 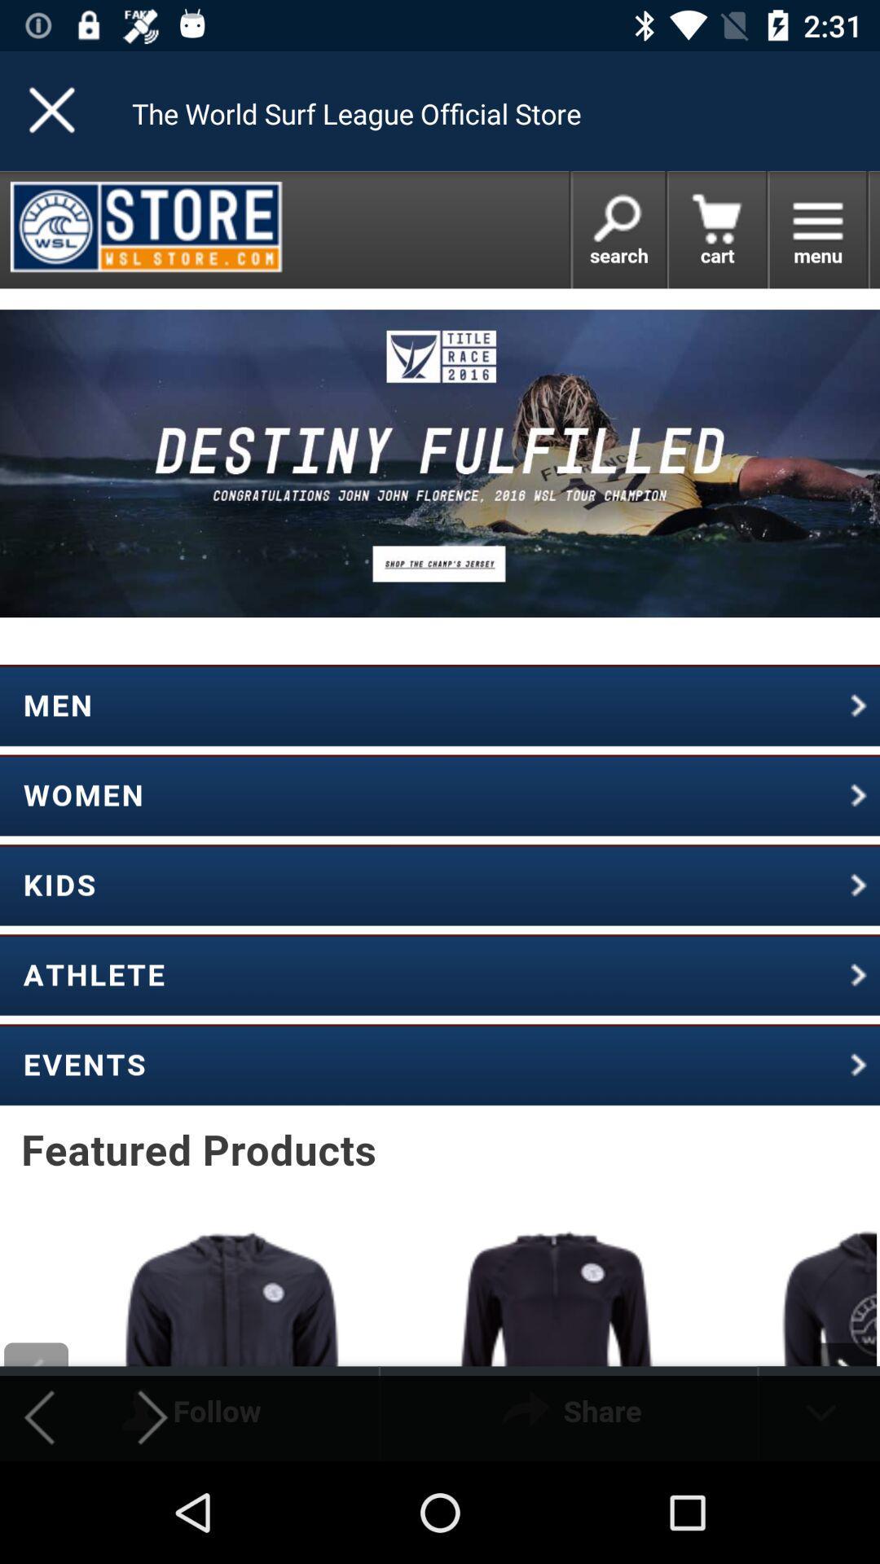 What do you see at coordinates (52, 110) in the screenshot?
I see `to close the search results` at bounding box center [52, 110].